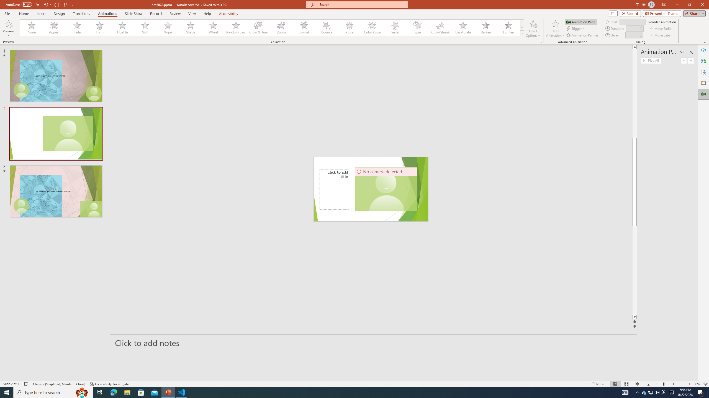 The image size is (709, 398). I want to click on 'Float In', so click(122, 27).